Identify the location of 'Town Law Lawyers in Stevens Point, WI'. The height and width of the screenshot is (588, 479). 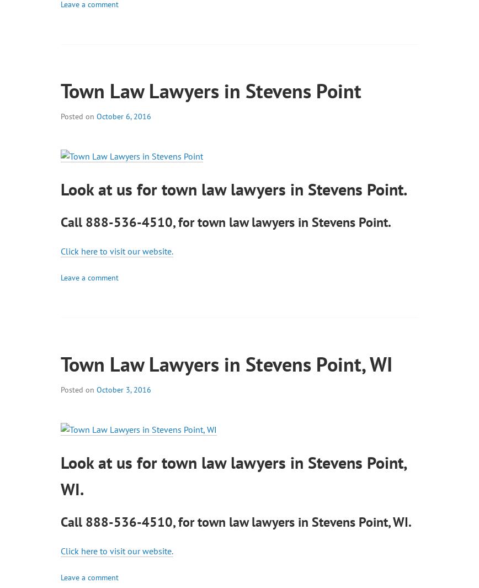
(226, 363).